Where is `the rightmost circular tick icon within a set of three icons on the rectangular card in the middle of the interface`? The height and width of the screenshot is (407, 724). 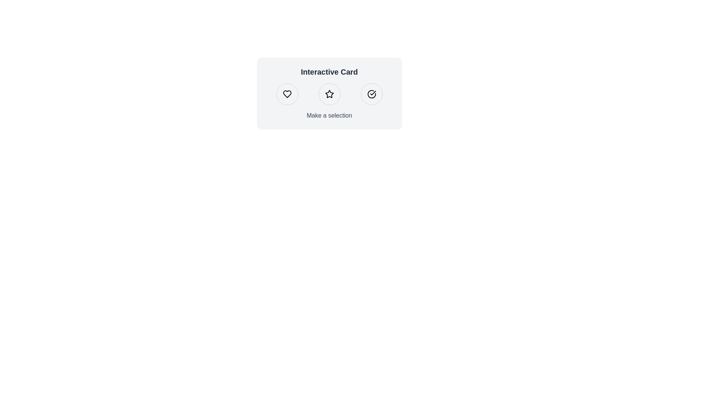
the rightmost circular tick icon within a set of three icons on the rectangular card in the middle of the interface is located at coordinates (371, 94).